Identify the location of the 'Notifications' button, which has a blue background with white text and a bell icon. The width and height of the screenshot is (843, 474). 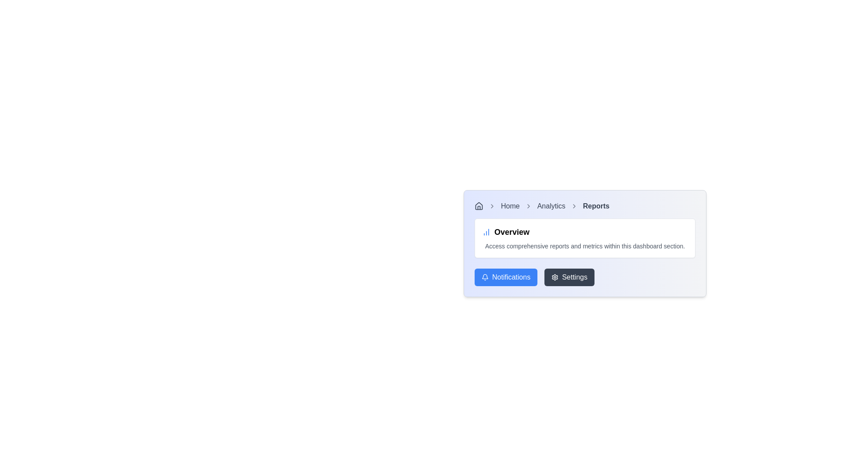
(506, 277).